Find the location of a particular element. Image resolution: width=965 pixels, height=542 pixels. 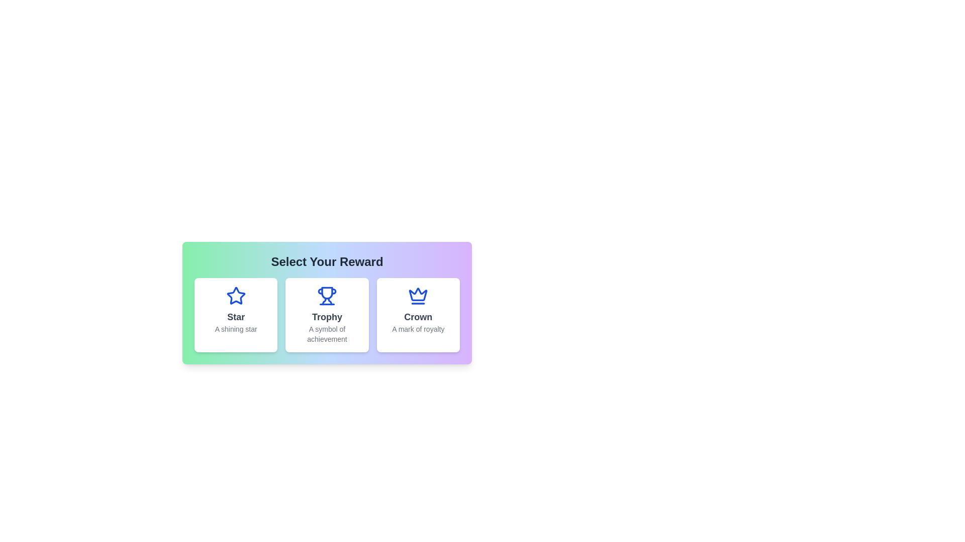

the reward card labeled 'Trophy' to view its hover effect is located at coordinates (327, 315).